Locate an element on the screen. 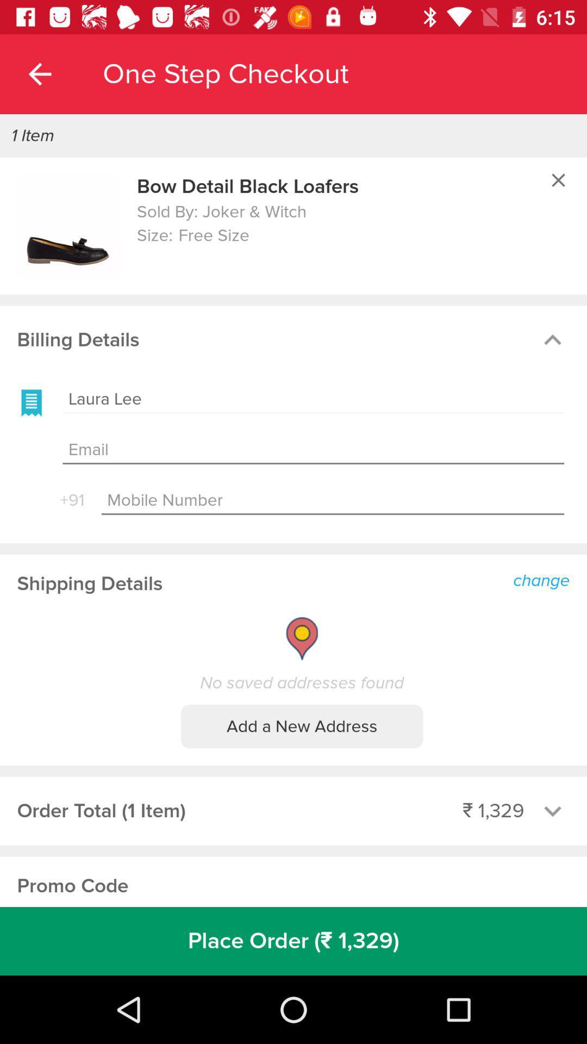 This screenshot has width=587, height=1044. the item above the no saved addresses item is located at coordinates (544, 579).